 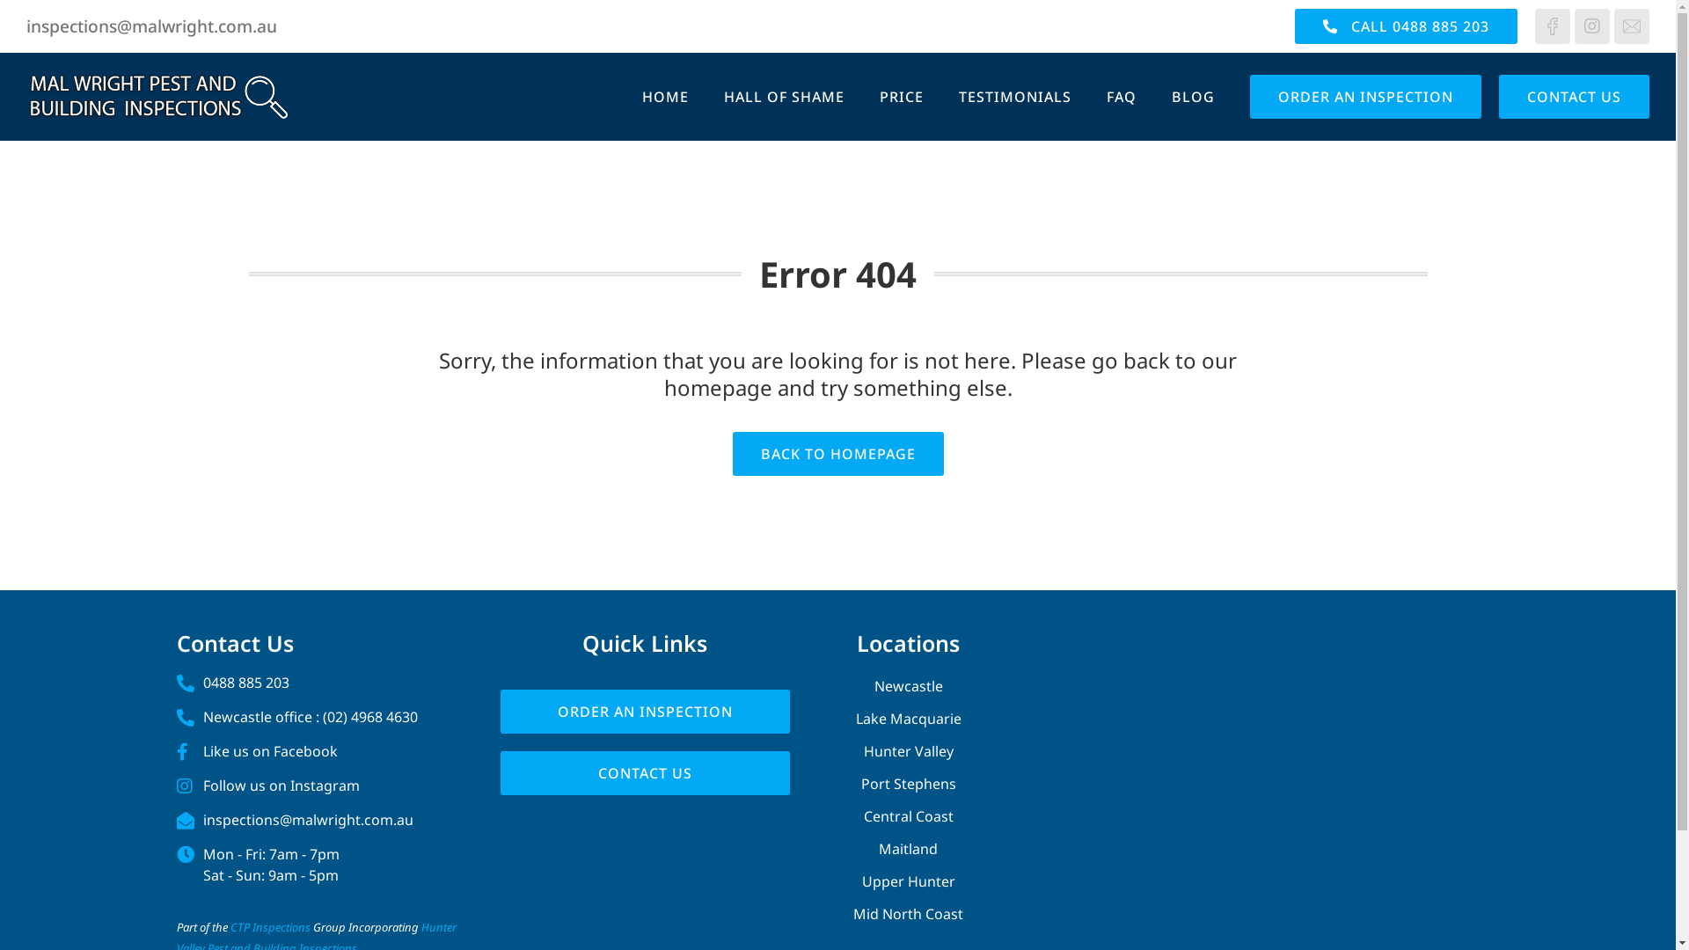 I want to click on 'HOME', so click(x=664, y=97).